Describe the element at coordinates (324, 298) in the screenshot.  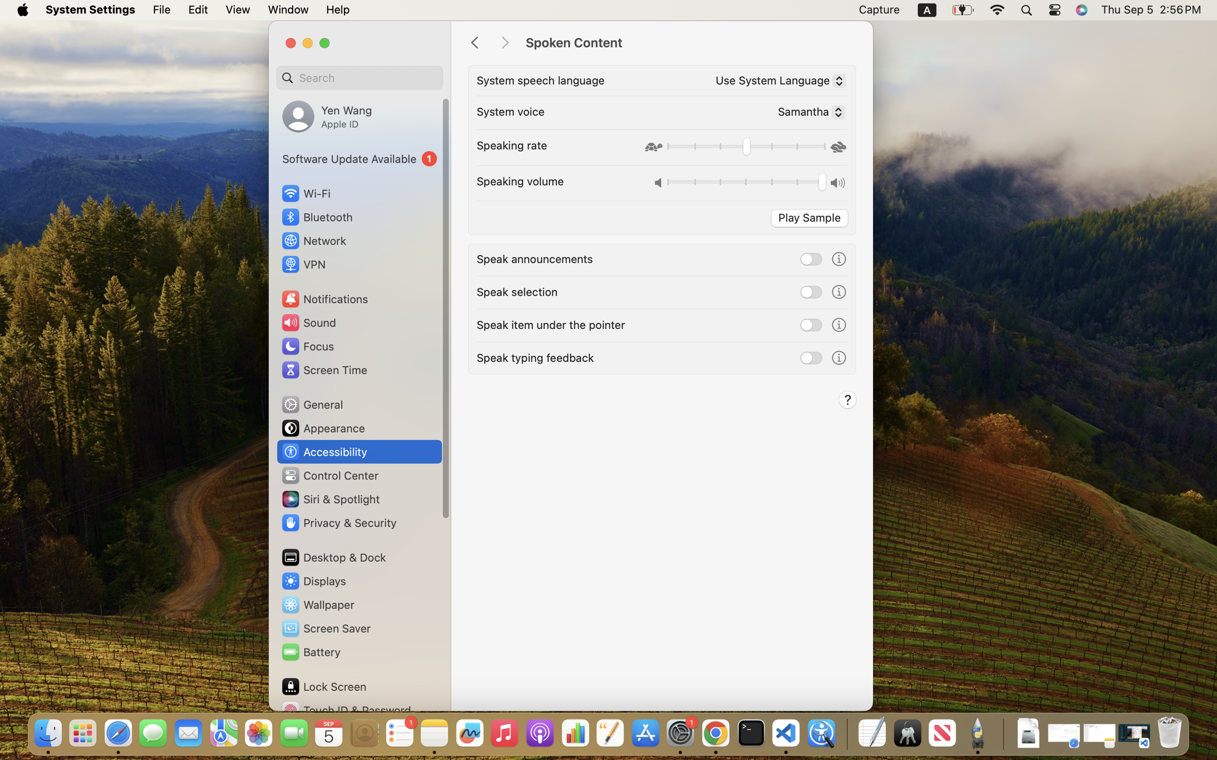
I see `'Notifications'` at that location.